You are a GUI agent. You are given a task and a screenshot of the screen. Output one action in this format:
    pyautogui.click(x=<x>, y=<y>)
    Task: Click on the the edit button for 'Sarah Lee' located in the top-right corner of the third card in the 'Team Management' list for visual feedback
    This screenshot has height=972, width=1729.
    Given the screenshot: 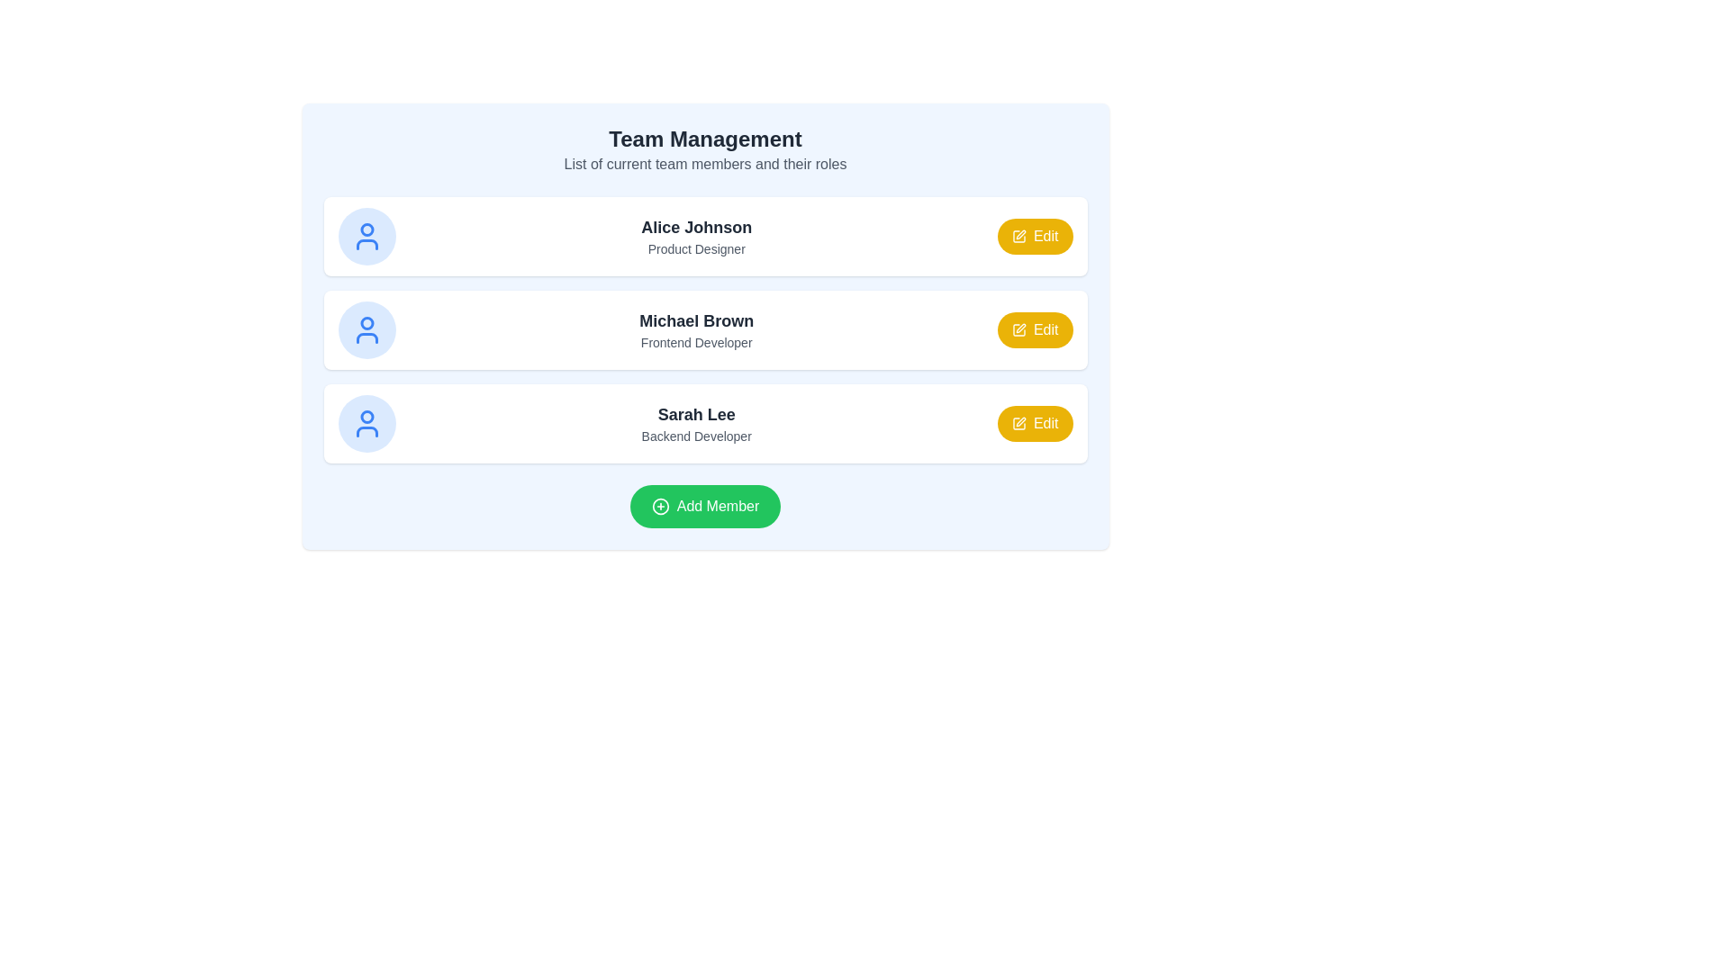 What is the action you would take?
    pyautogui.click(x=1035, y=423)
    